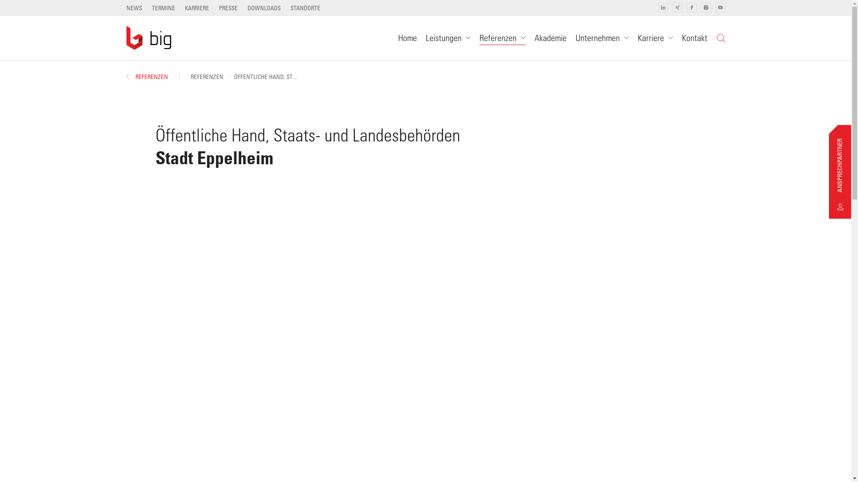 The image size is (858, 482). Describe the element at coordinates (694, 37) in the screenshot. I see `'Kontakt'` at that location.